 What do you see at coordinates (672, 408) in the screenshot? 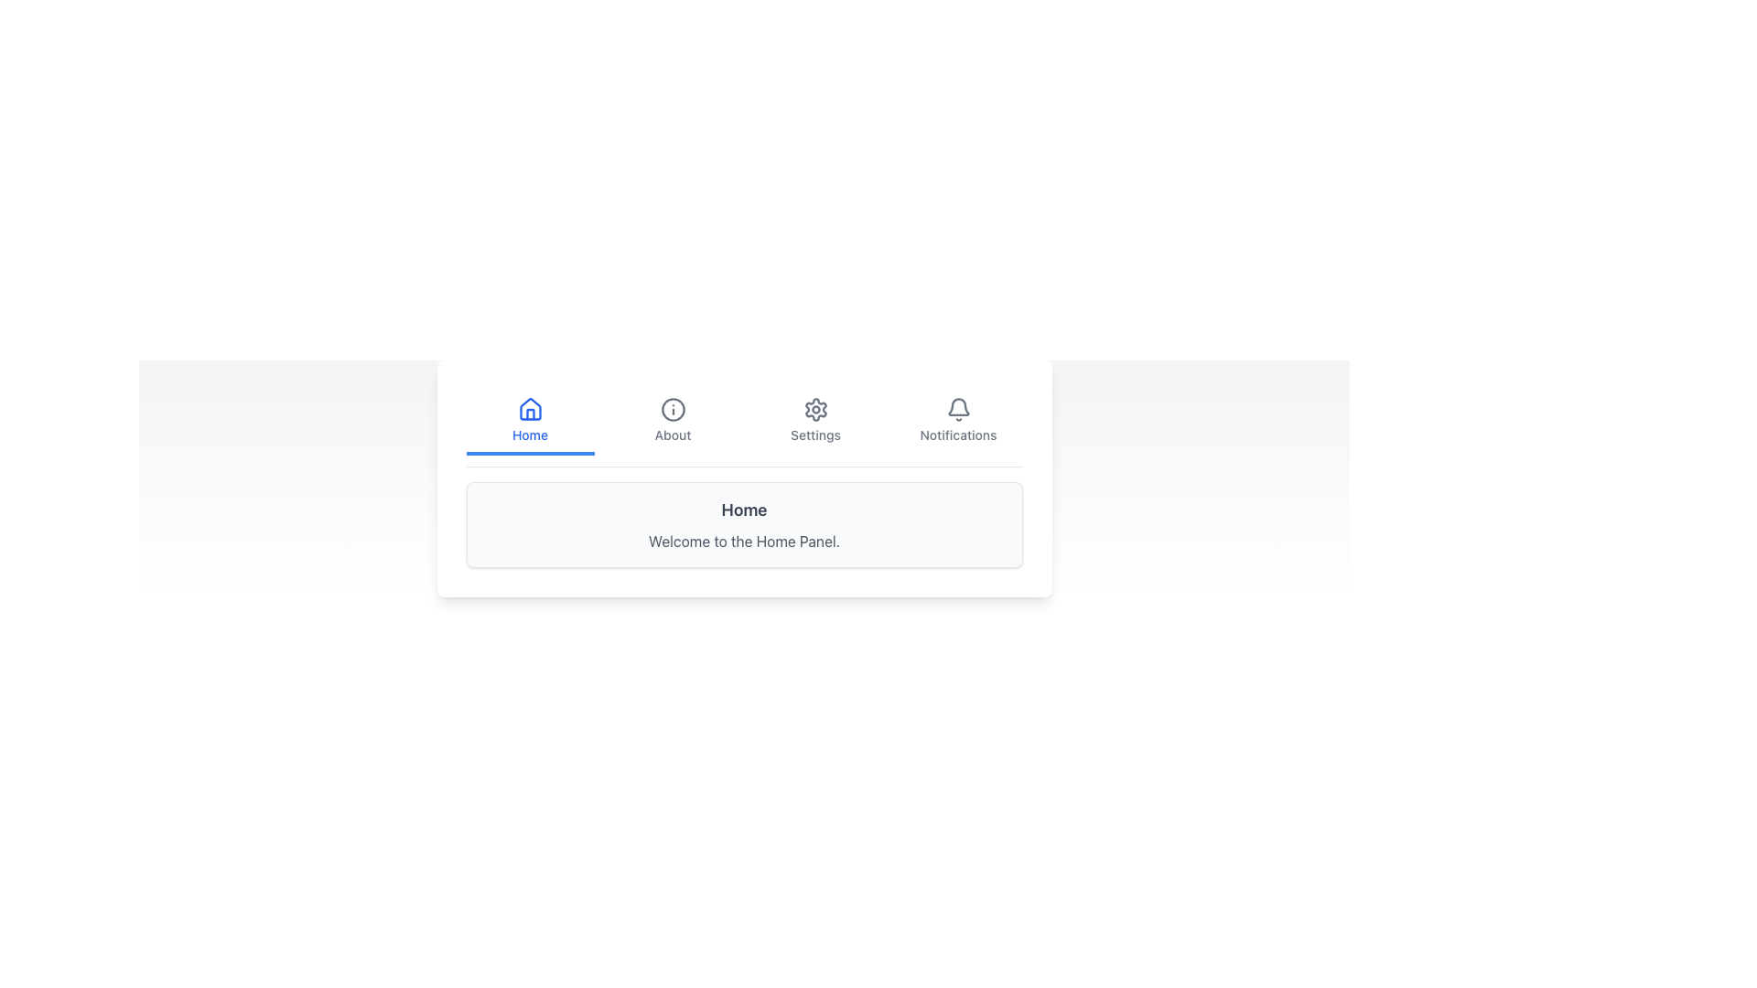
I see `the information icon, which is a circular SVG graphical icon with a dot and line inside, located above the 'About' text element` at bounding box center [672, 408].